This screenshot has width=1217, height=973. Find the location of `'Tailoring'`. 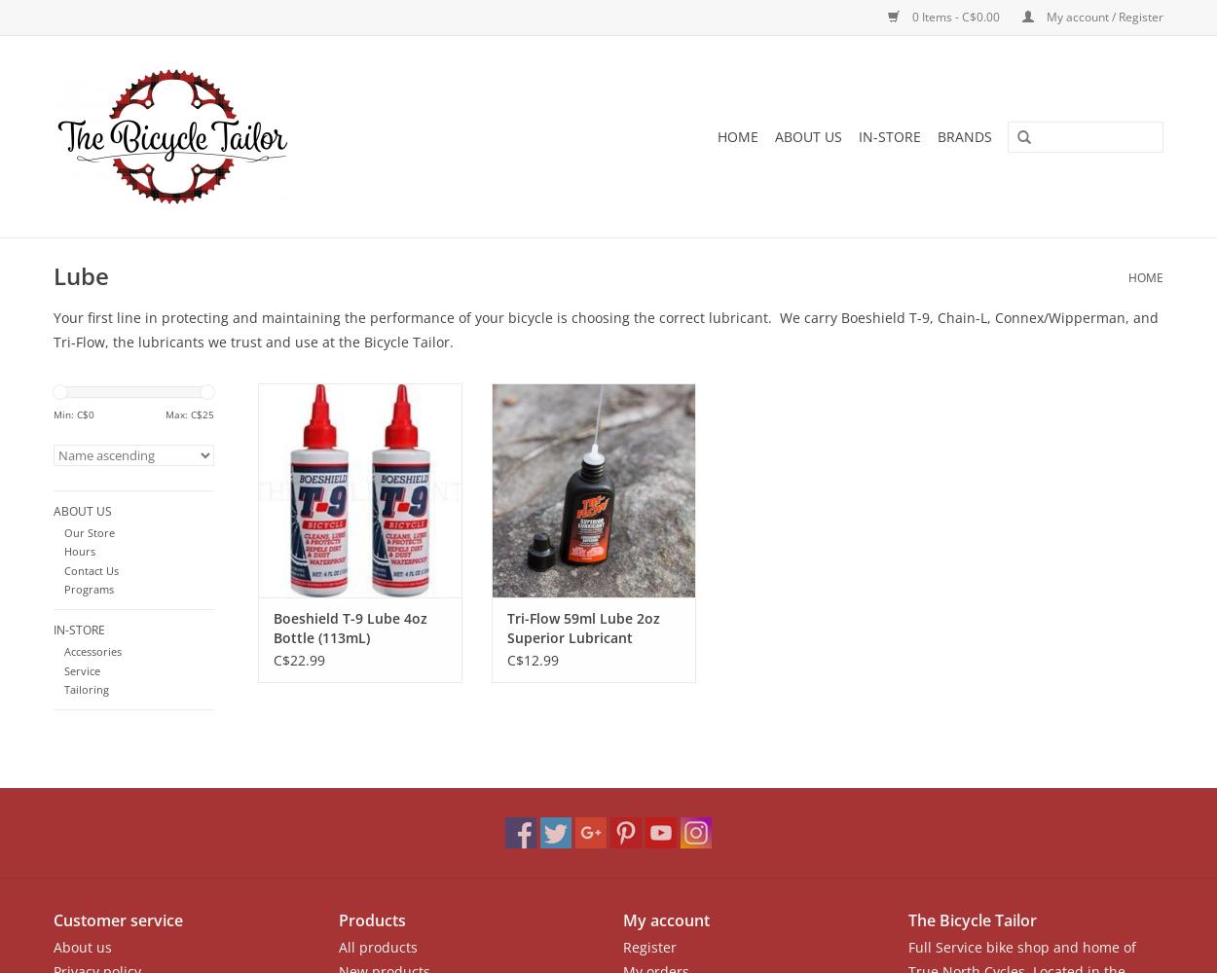

'Tailoring' is located at coordinates (85, 687).